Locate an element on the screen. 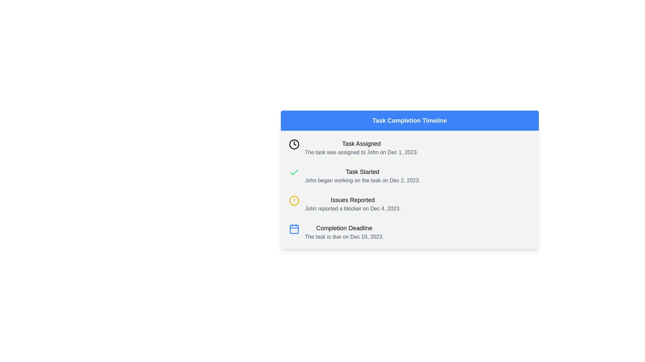 This screenshot has height=362, width=645. the 'Task Assigned' icon located in the first row of the 'Task Completion Timeline' section, which visually indicates that a task has been assigned is located at coordinates (294, 144).